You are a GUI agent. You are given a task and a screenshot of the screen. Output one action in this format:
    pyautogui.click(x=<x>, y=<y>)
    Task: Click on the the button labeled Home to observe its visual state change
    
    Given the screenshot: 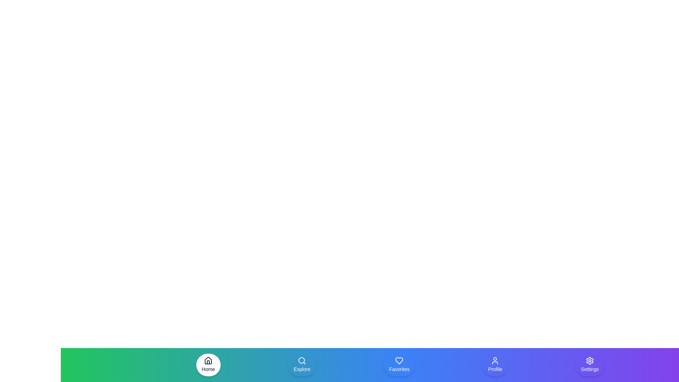 What is the action you would take?
    pyautogui.click(x=208, y=365)
    